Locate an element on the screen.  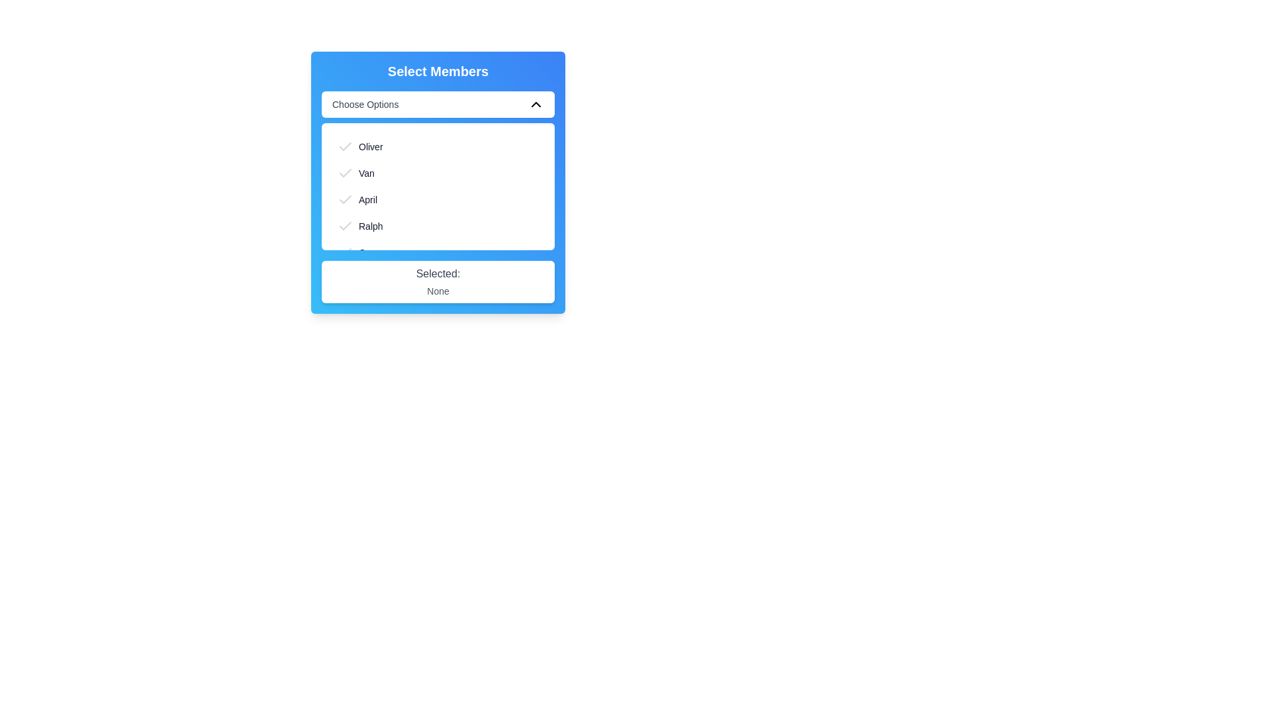
the gray outlined checkmark icon located to the left of the 'Van' entry in the selection list is located at coordinates (346, 173).